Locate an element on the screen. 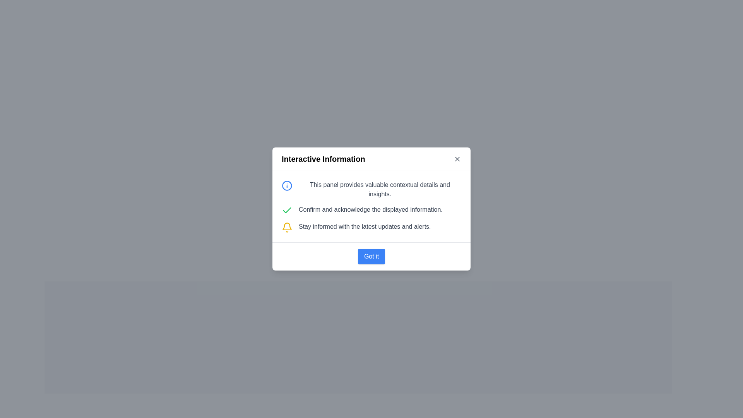  the blue button with rounded corners that has the text 'Got it' to confirm and close the dialog is located at coordinates (371, 257).